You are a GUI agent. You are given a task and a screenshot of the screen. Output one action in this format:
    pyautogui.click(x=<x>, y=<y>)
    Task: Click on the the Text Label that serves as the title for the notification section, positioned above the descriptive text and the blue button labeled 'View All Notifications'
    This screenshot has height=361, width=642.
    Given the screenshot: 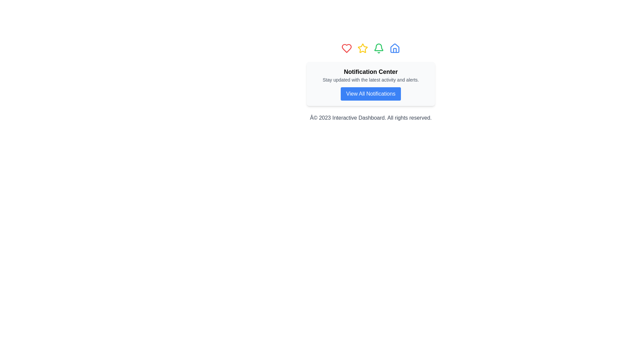 What is the action you would take?
    pyautogui.click(x=370, y=72)
    